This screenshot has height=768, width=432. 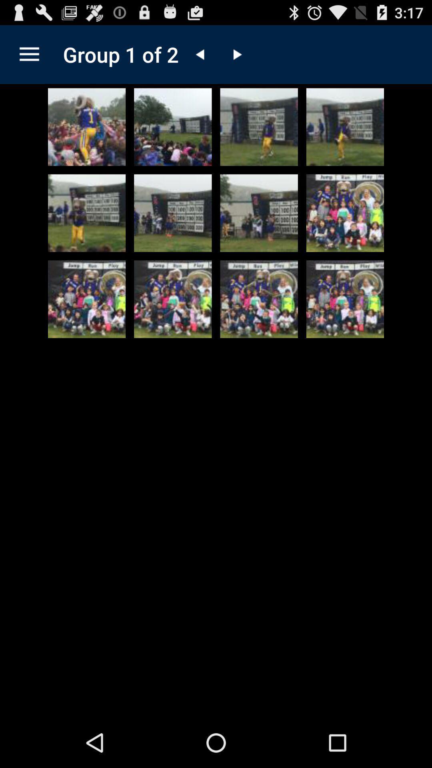 What do you see at coordinates (236, 54) in the screenshot?
I see `group 2` at bounding box center [236, 54].